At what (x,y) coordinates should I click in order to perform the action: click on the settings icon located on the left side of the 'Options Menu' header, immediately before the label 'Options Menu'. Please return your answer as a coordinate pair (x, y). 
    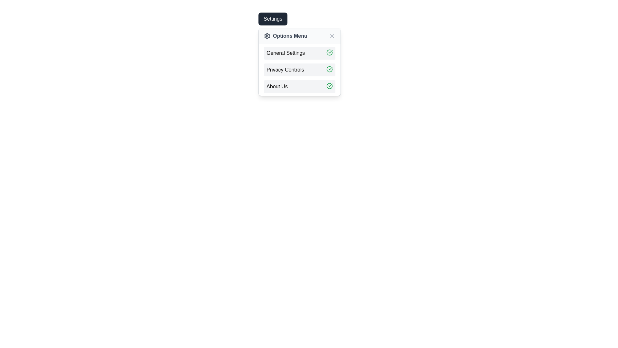
    Looking at the image, I should click on (267, 36).